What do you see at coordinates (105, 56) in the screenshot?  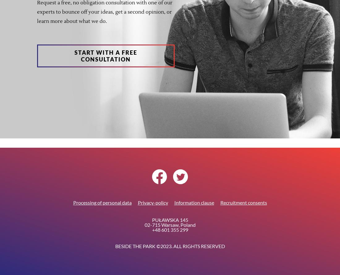 I see `'START WITH a free consultation'` at bounding box center [105, 56].